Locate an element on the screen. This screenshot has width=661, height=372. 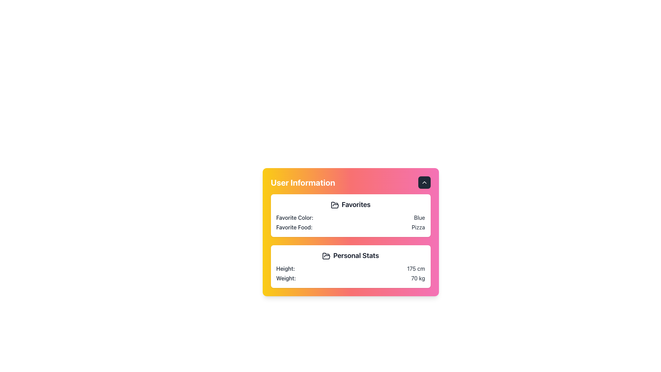
the open folder icon located to the left of the 'Favorites' text in the 'Favorites' section of the 'User Information' card is located at coordinates (335, 205).